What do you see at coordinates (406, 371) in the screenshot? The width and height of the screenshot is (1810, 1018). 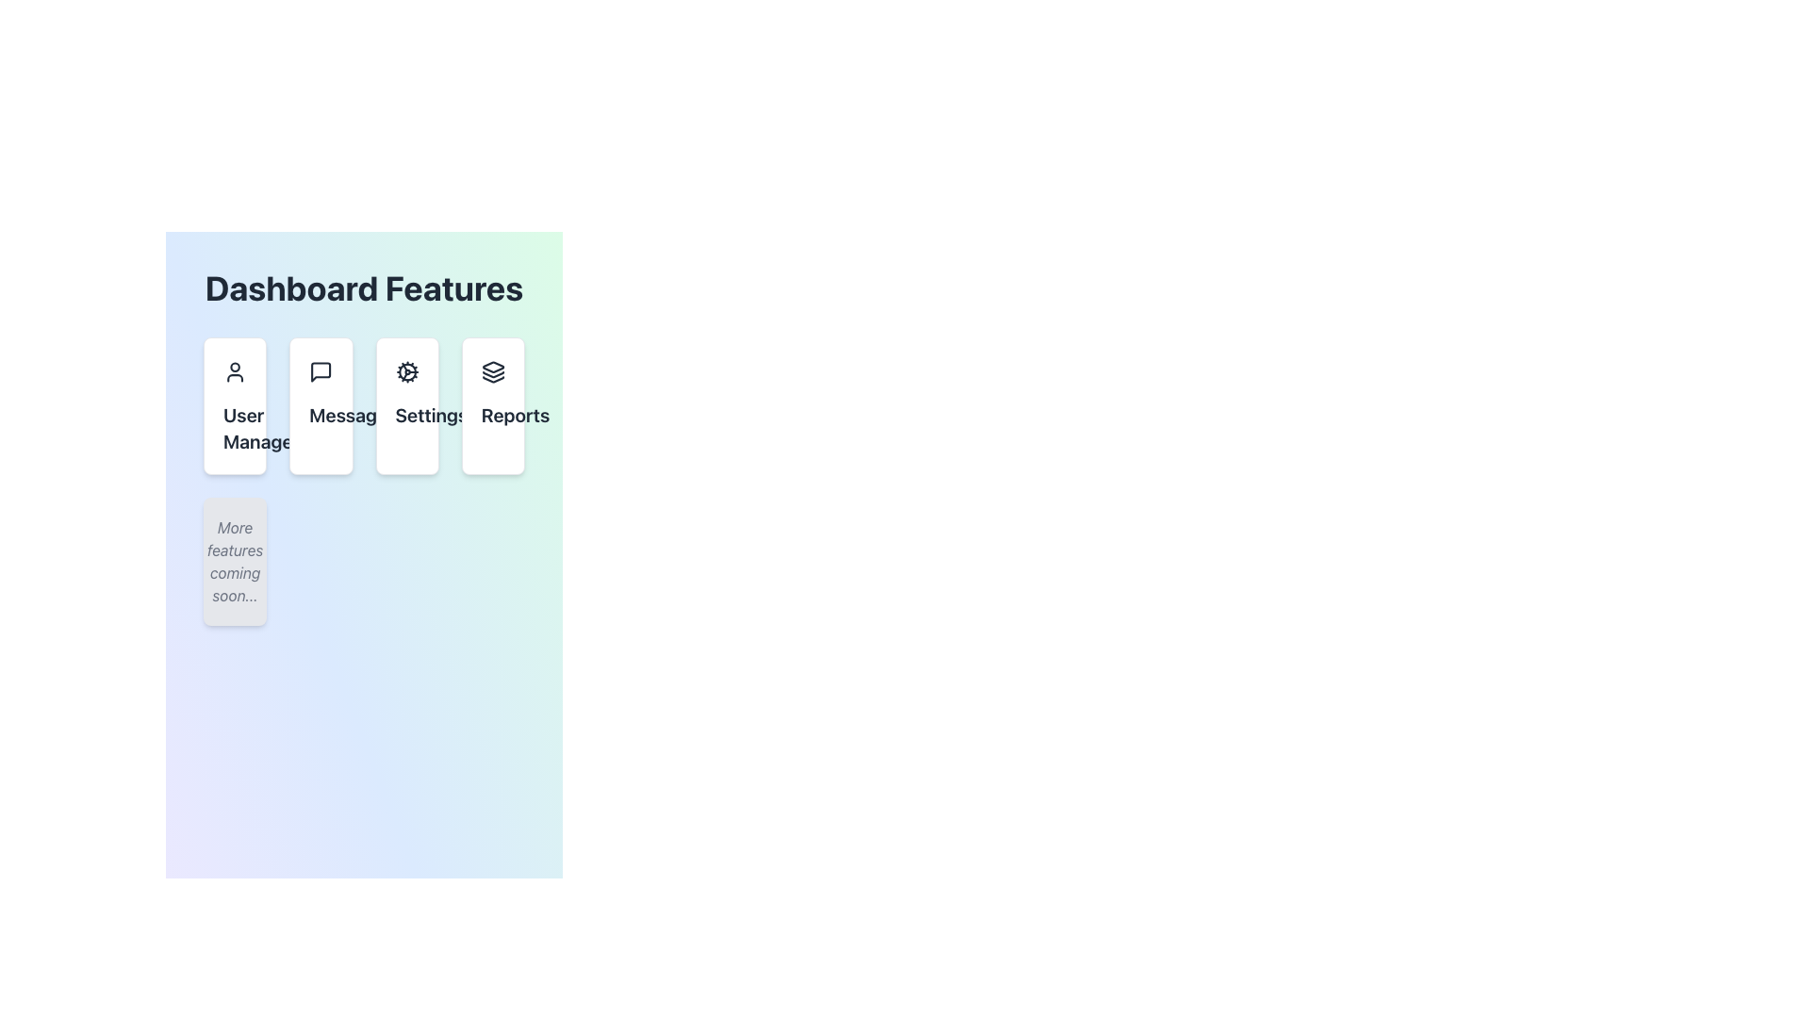 I see `the settings cogwheel icon located in the third card of the horizontally aligned 'Settings' card row within the 'Dashboard Features' section` at bounding box center [406, 371].